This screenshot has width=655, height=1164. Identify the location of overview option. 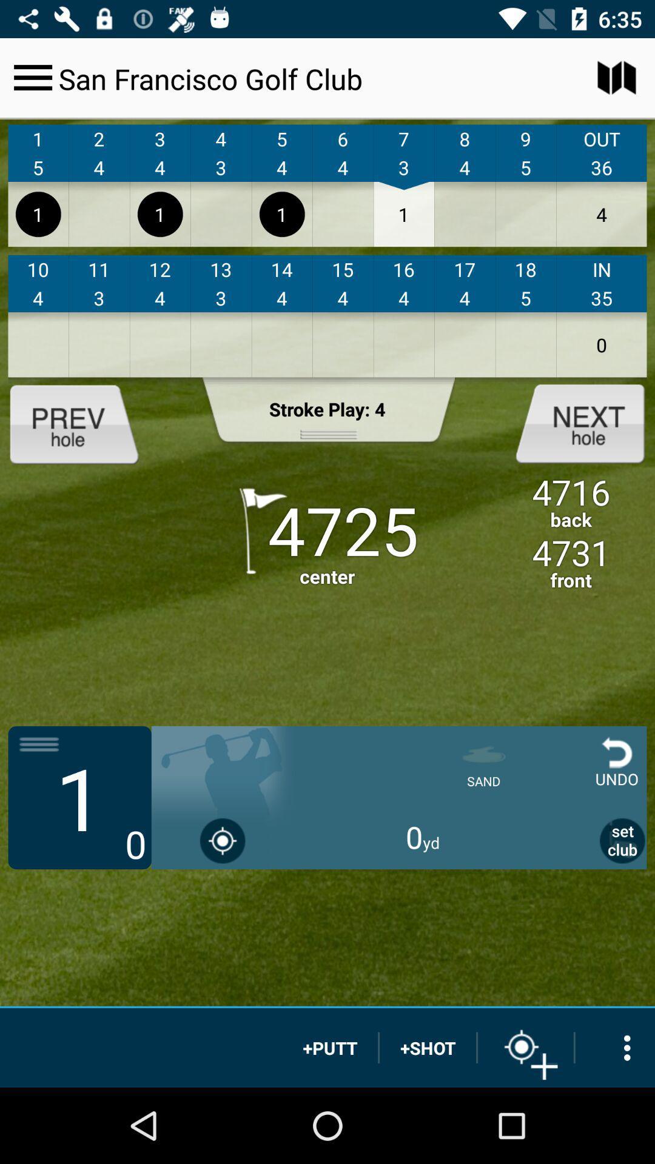
(615, 1047).